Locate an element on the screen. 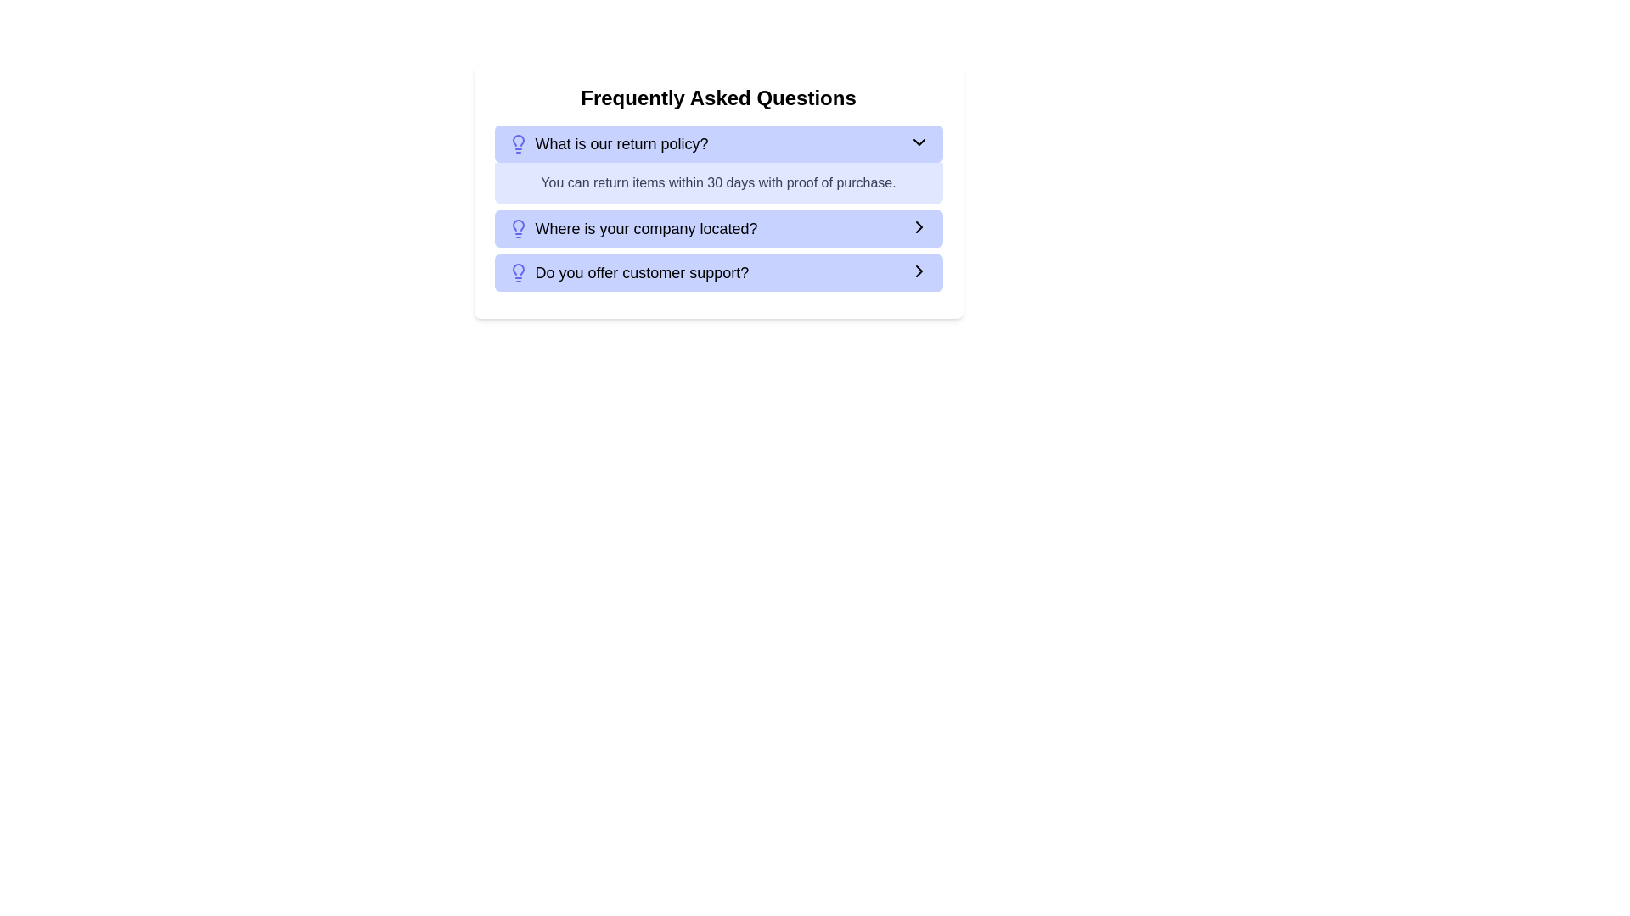 The width and height of the screenshot is (1630, 916). the decorative icon located at the far left of the FAQ entry, aligned with the text 'Do you offer customer support?' is located at coordinates (517, 271).